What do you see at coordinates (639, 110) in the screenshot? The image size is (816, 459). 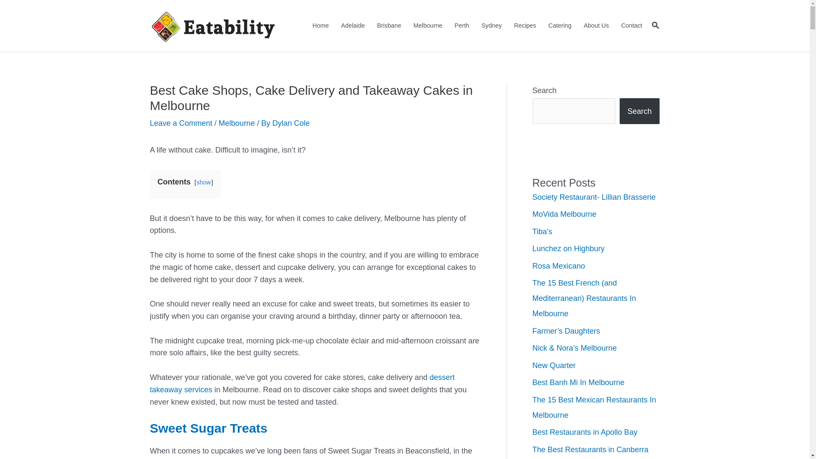 I see `'Search'` at bounding box center [639, 110].